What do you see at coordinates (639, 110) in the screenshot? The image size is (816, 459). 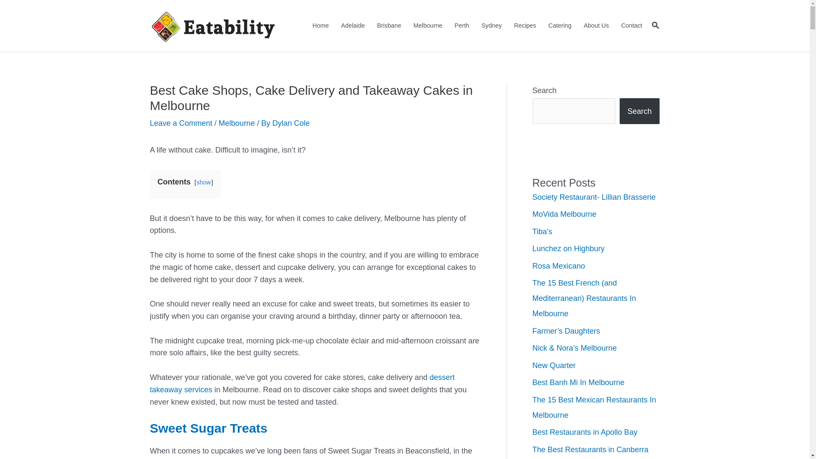 I see `'Search'` at bounding box center [639, 110].